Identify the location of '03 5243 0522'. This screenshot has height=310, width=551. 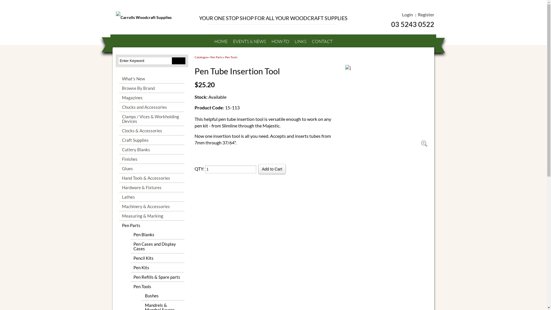
(393, 24).